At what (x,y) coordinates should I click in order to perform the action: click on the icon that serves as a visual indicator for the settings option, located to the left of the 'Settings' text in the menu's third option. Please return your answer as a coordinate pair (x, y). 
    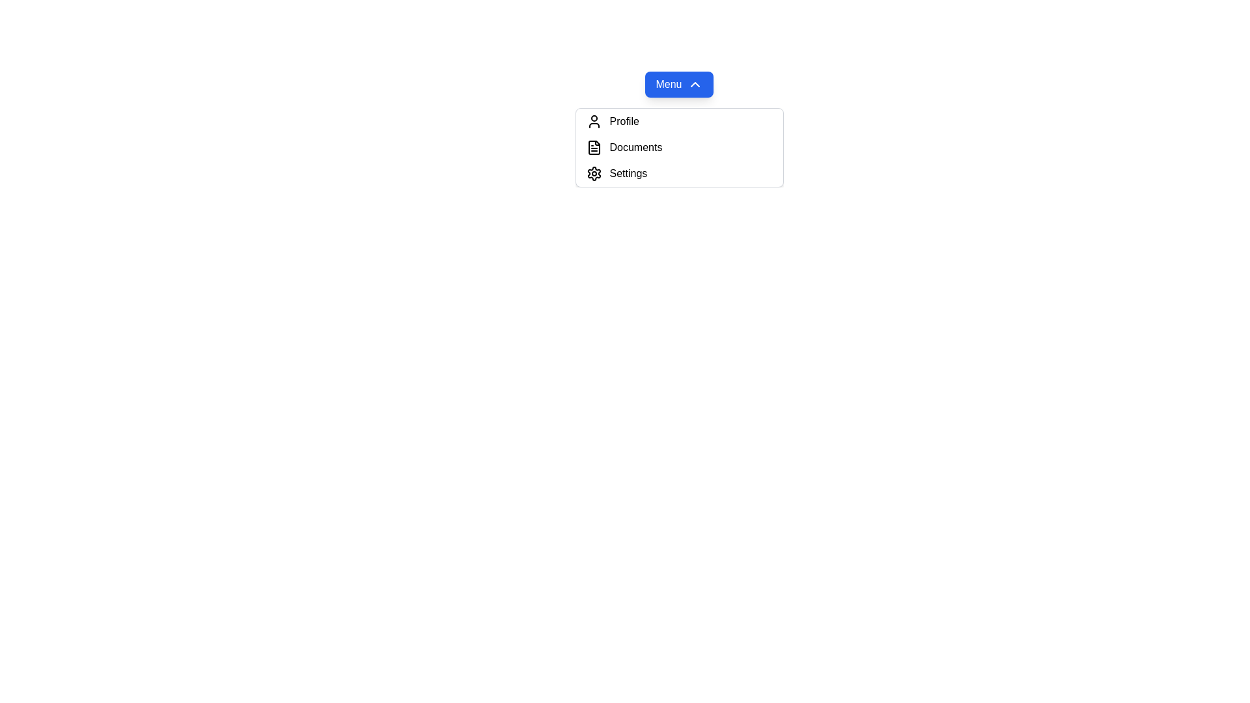
    Looking at the image, I should click on (593, 172).